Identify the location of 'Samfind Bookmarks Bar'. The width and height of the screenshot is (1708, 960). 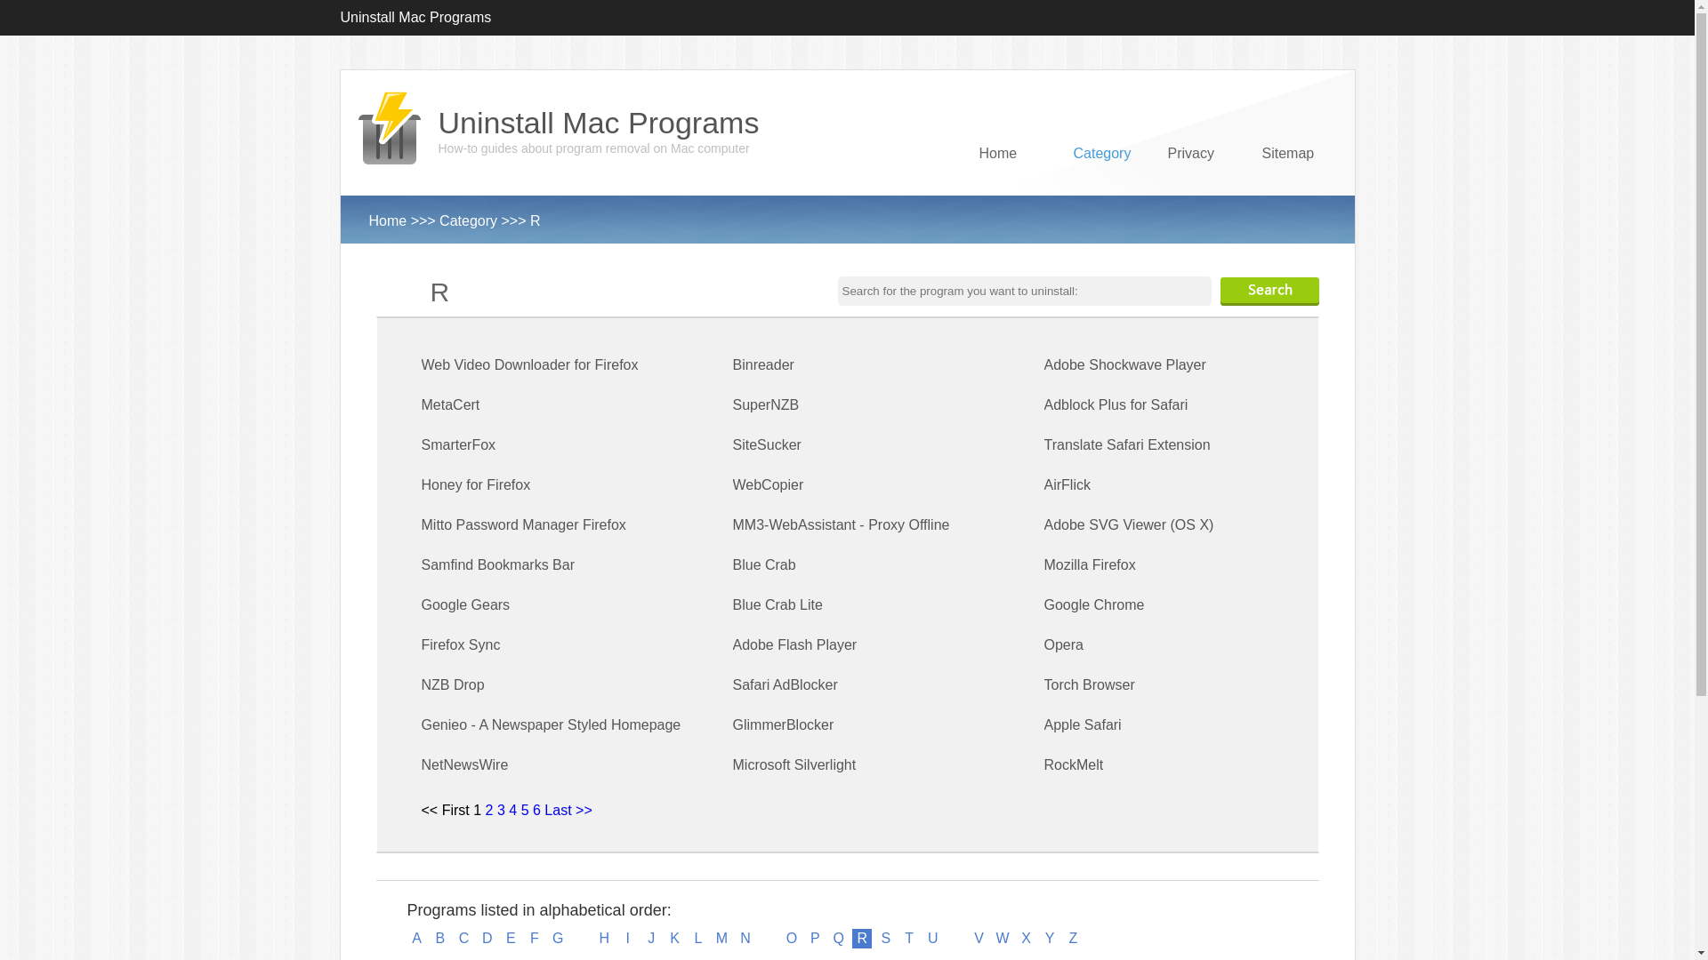
(498, 564).